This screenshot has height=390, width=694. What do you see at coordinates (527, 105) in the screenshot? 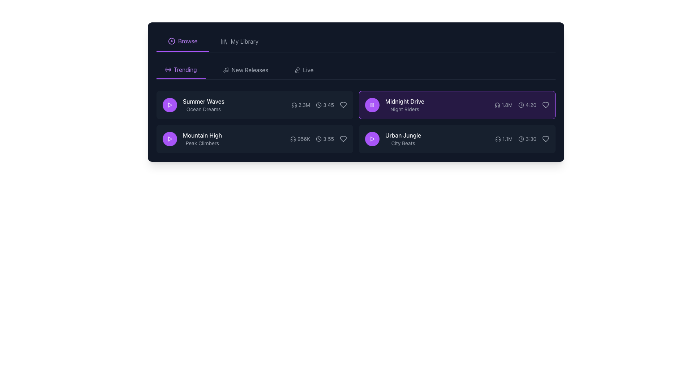
I see `the label displaying the duration of the 'Midnight Drive' track, located on the right side of the row for this item in the second row of the list` at bounding box center [527, 105].